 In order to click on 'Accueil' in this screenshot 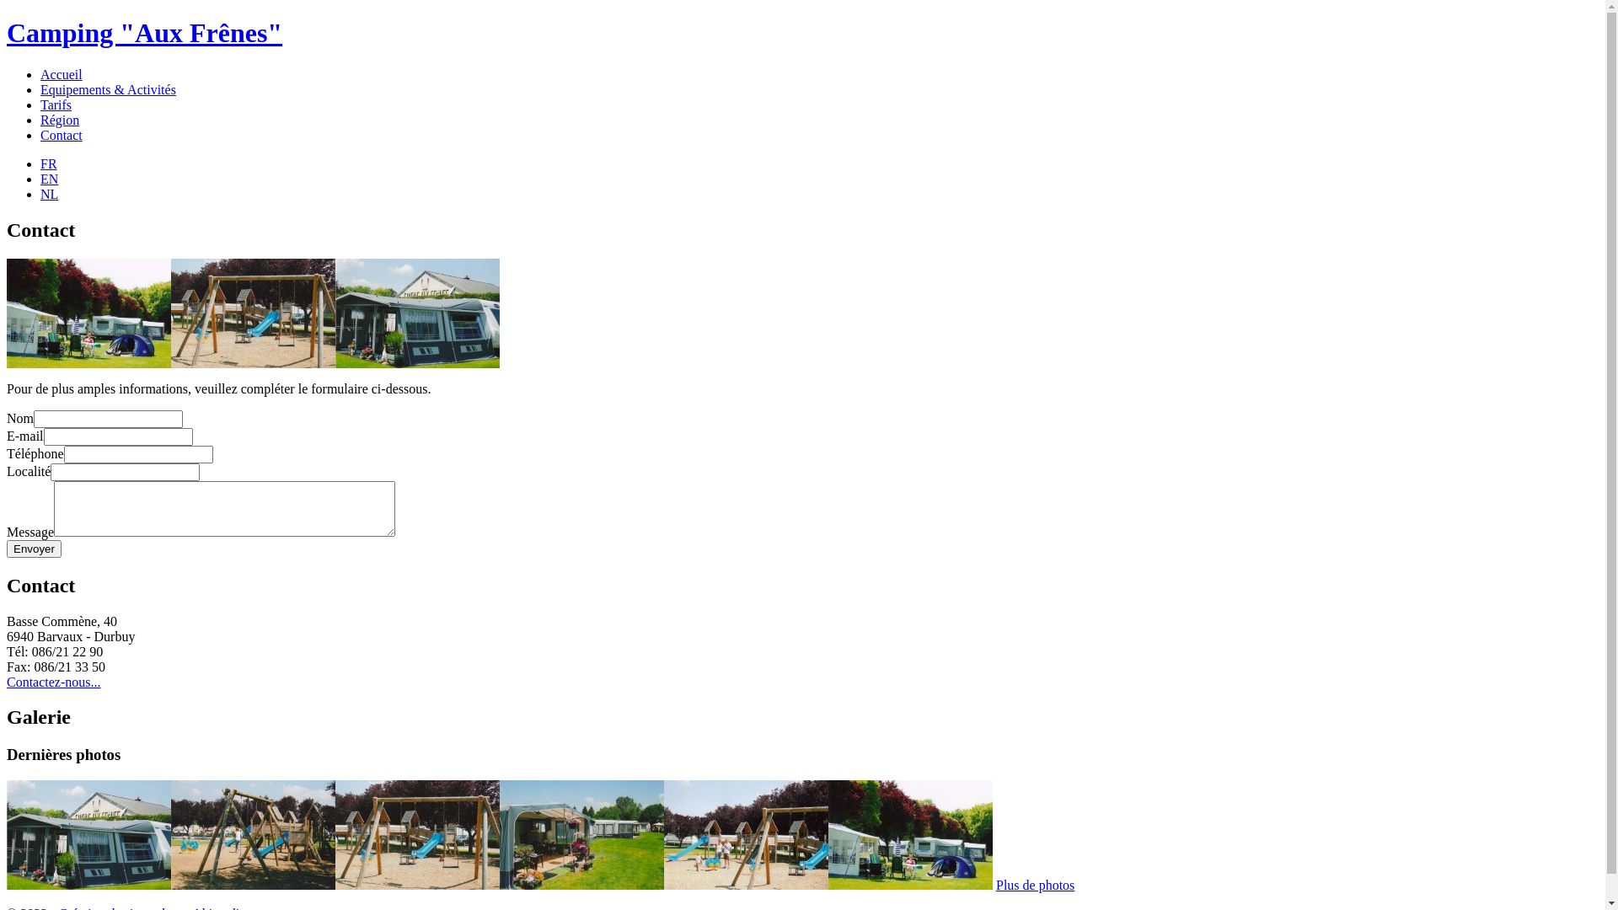, I will do `click(61, 73)`.